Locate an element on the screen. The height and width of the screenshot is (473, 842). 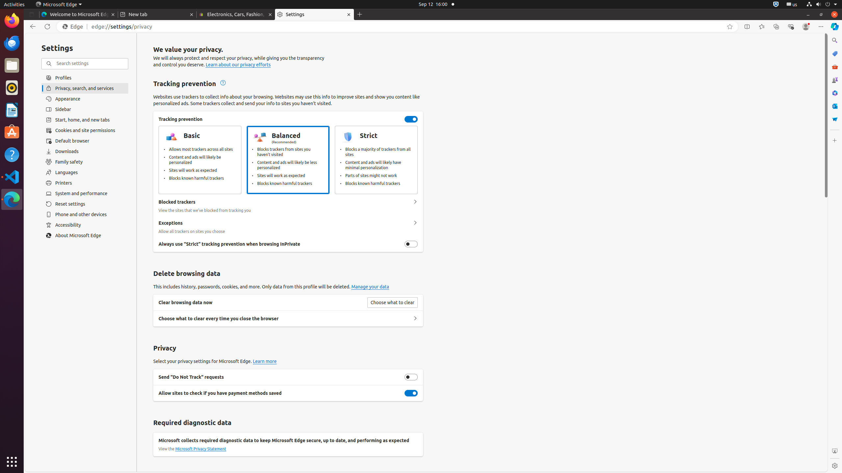
'Family safety' is located at coordinates (85, 162).